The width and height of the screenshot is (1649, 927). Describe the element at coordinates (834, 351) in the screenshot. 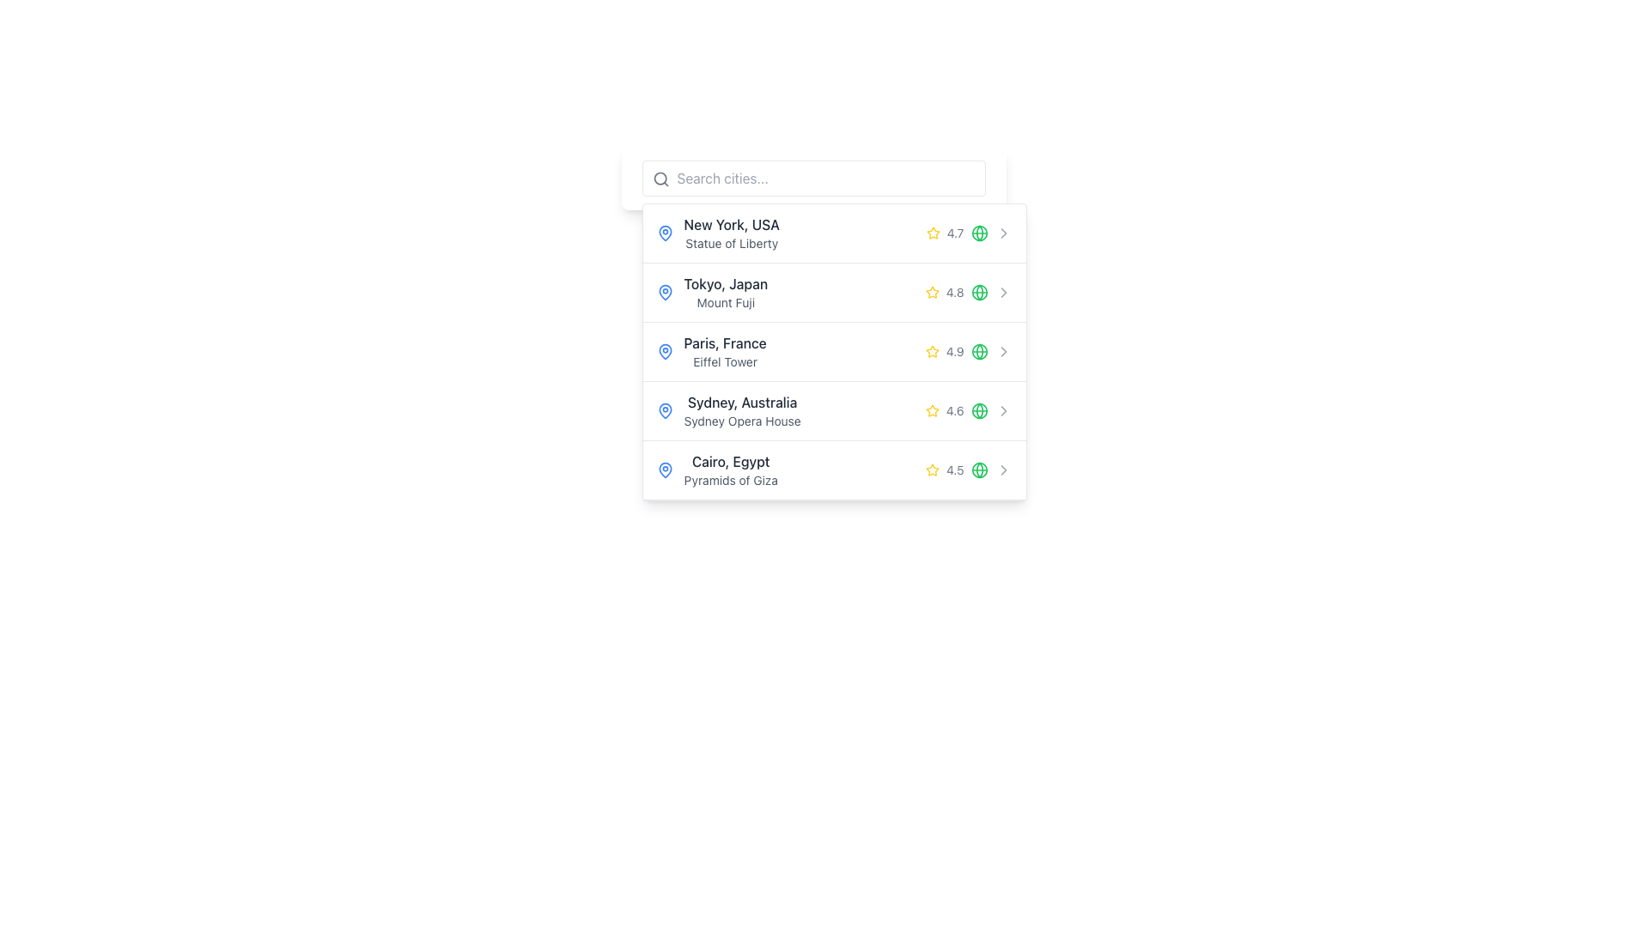

I see `the third entry` at that location.